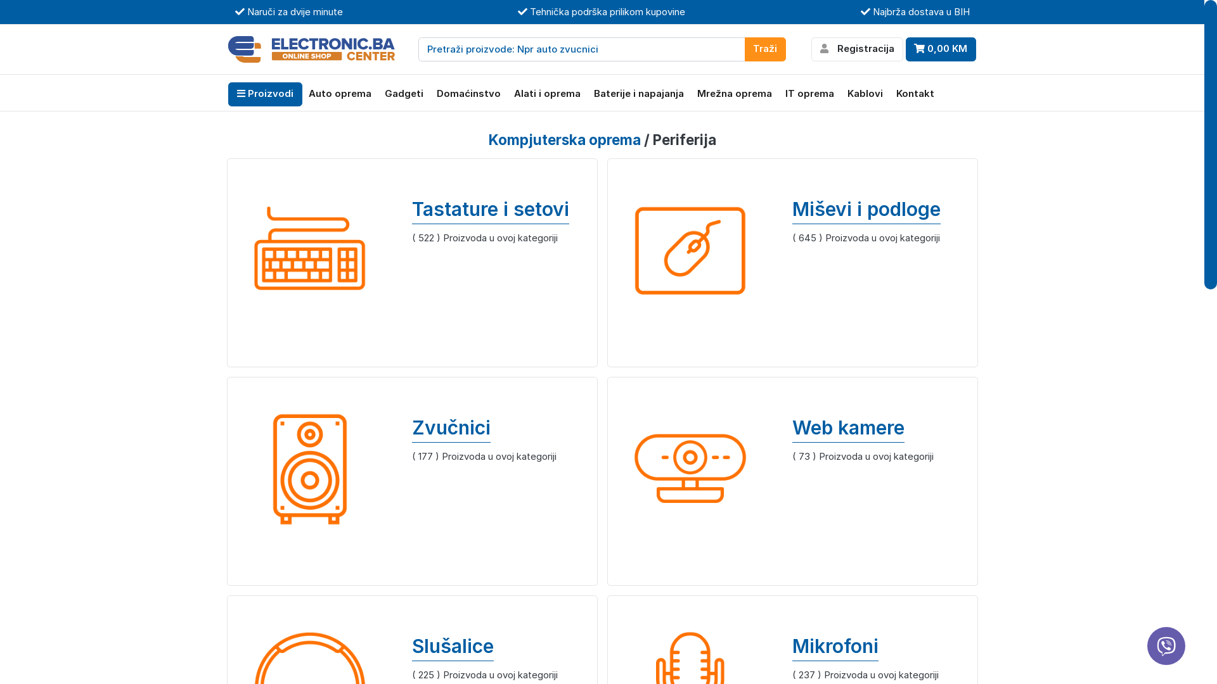  I want to click on 'Tastature i setovi', so click(499, 211).